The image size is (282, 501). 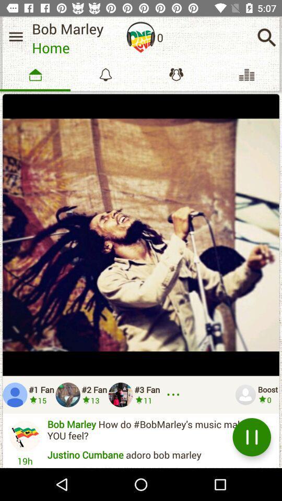 What do you see at coordinates (266, 37) in the screenshot?
I see `search bar` at bounding box center [266, 37].